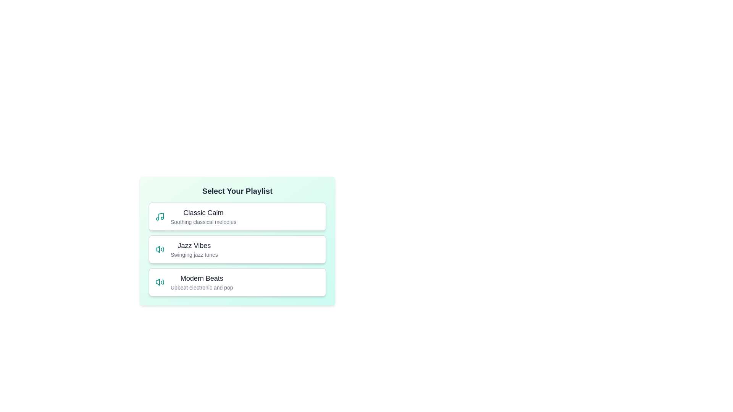 This screenshot has height=412, width=733. I want to click on the static text element that provides a subtitle for the 'Jazz Vibes' playlist, located beneath the main heading 'Select Your Playlist', so click(194, 254).